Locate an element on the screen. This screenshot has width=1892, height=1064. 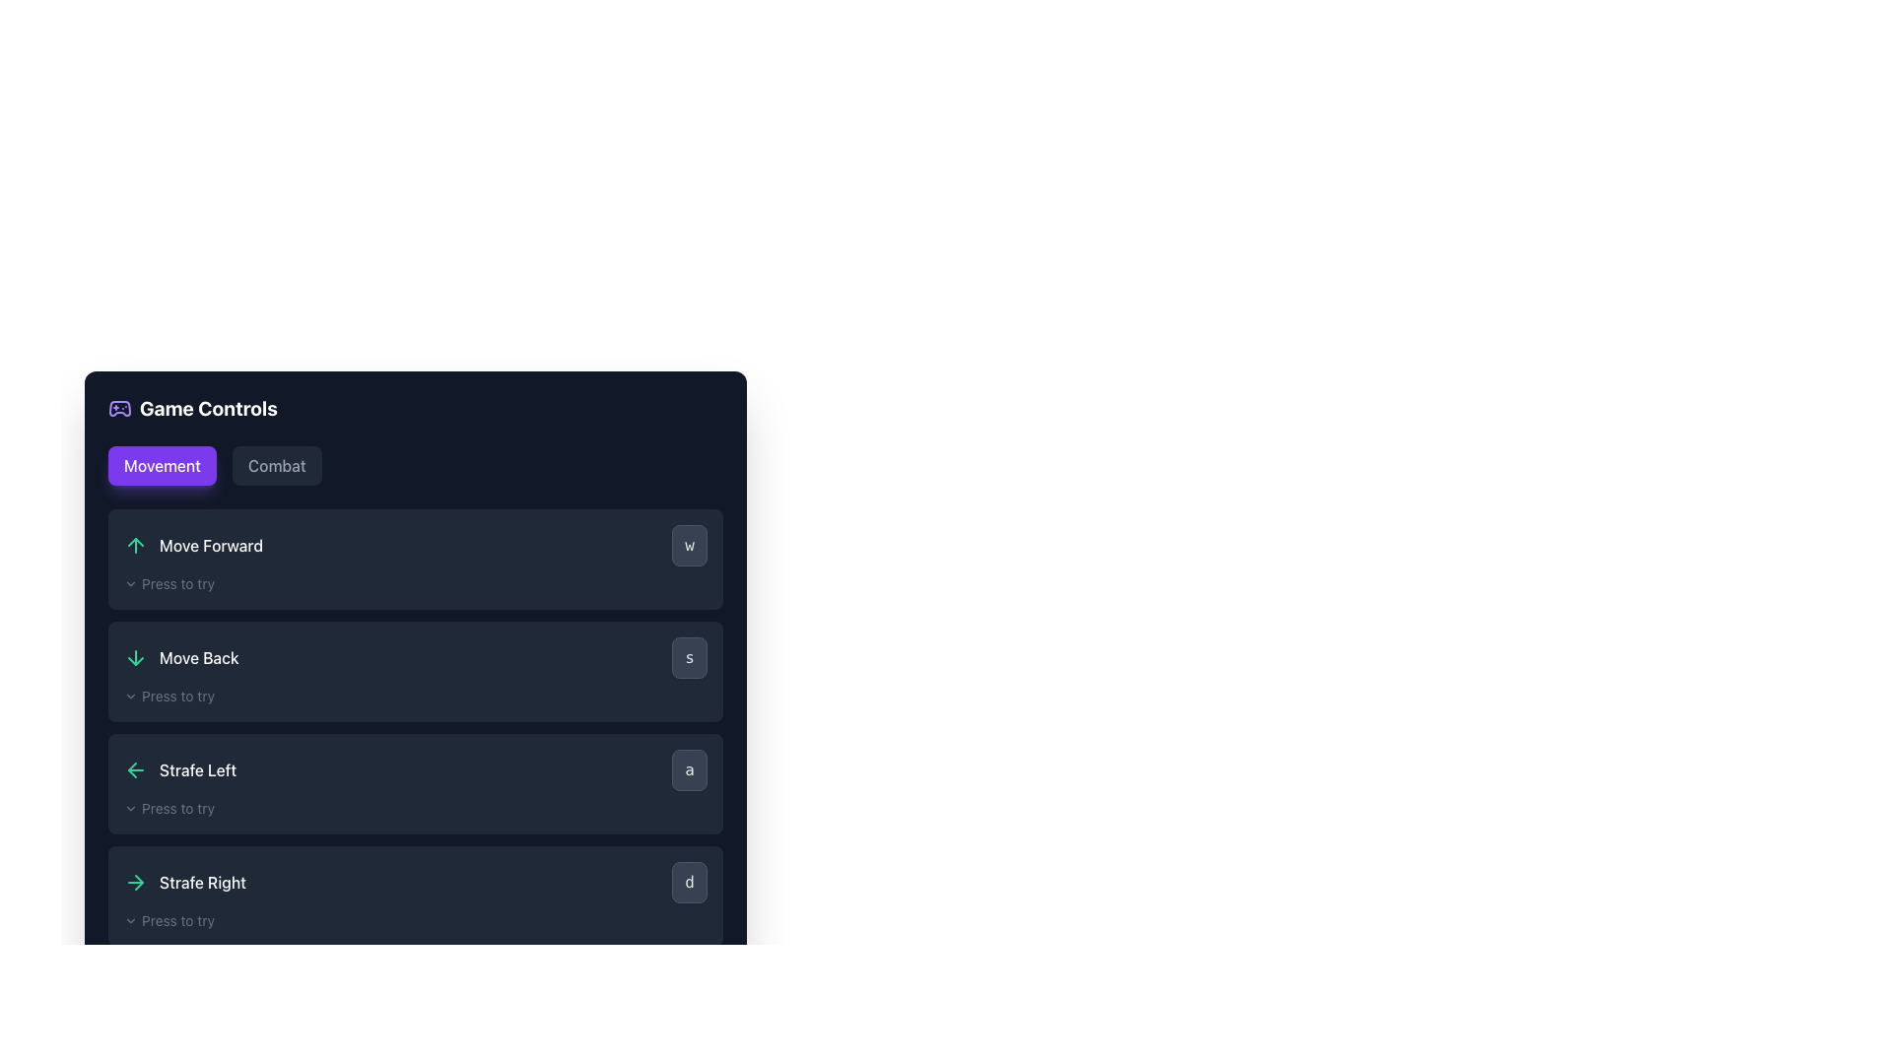
the 'Move Back' button in the 'Game Controls' menu under the 'Movement' tab is located at coordinates (415, 657).